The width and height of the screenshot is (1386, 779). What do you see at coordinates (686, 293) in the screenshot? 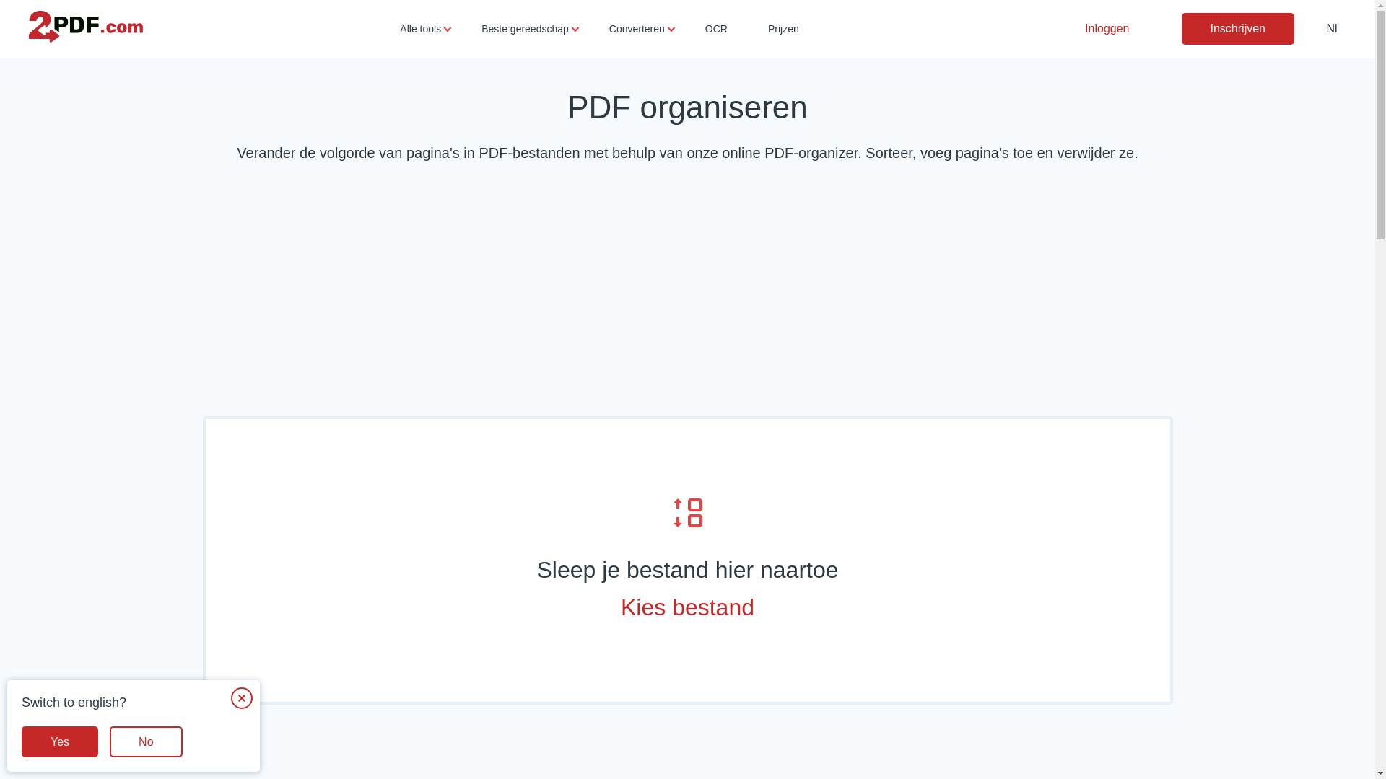
I see `'Advertisement'` at bounding box center [686, 293].